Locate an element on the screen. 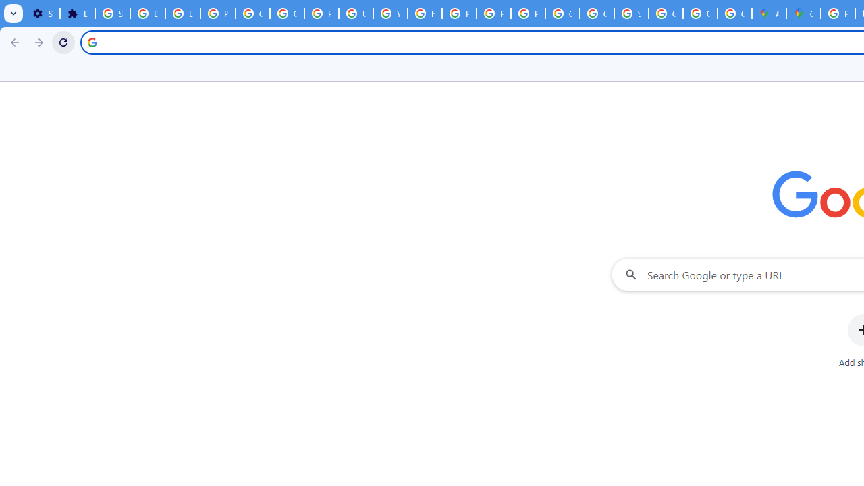 Image resolution: width=864 pixels, height=486 pixels. 'https://scholar.google.com/' is located at coordinates (424, 13).